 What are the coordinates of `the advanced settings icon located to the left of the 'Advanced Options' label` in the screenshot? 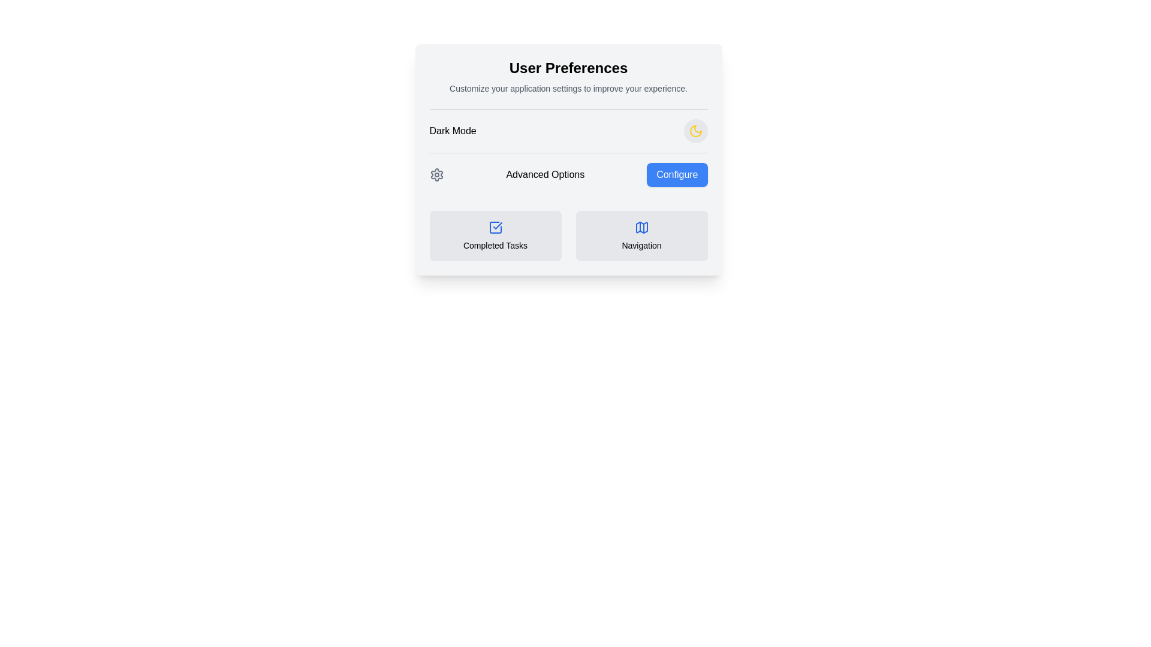 It's located at (436, 175).